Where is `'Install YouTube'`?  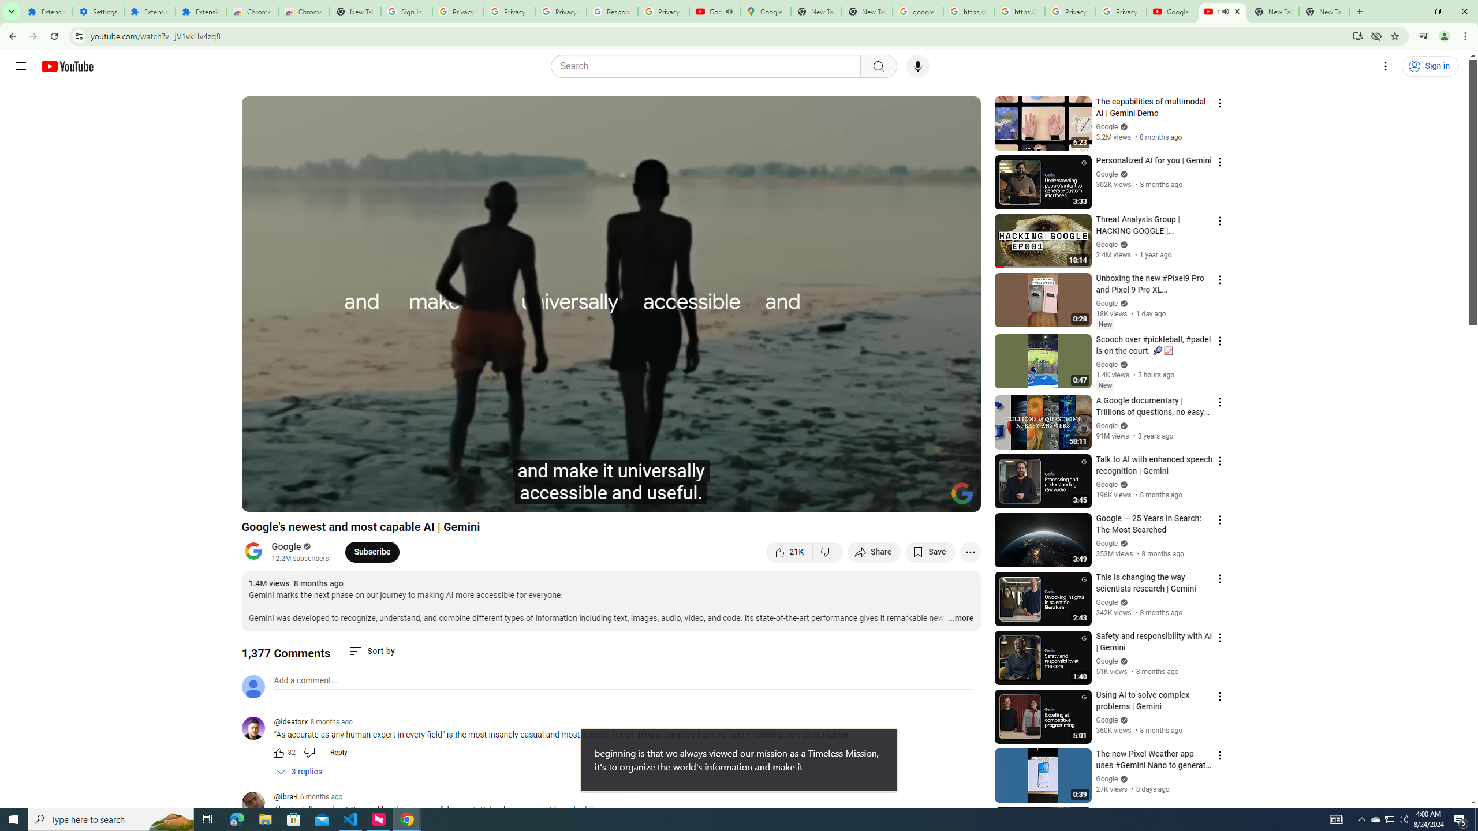 'Install YouTube' is located at coordinates (1357, 35).